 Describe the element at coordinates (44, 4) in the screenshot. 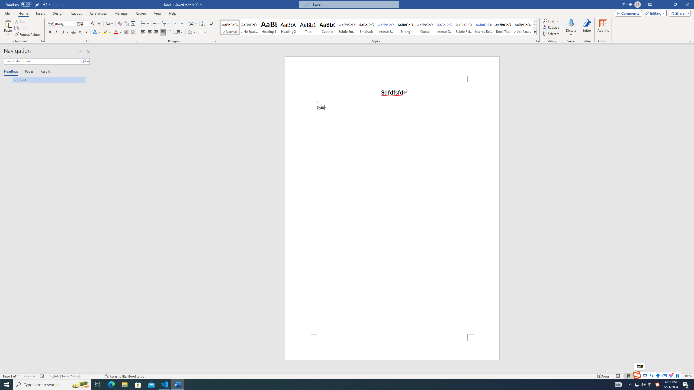

I see `'Undo AutoCorrect'` at that location.